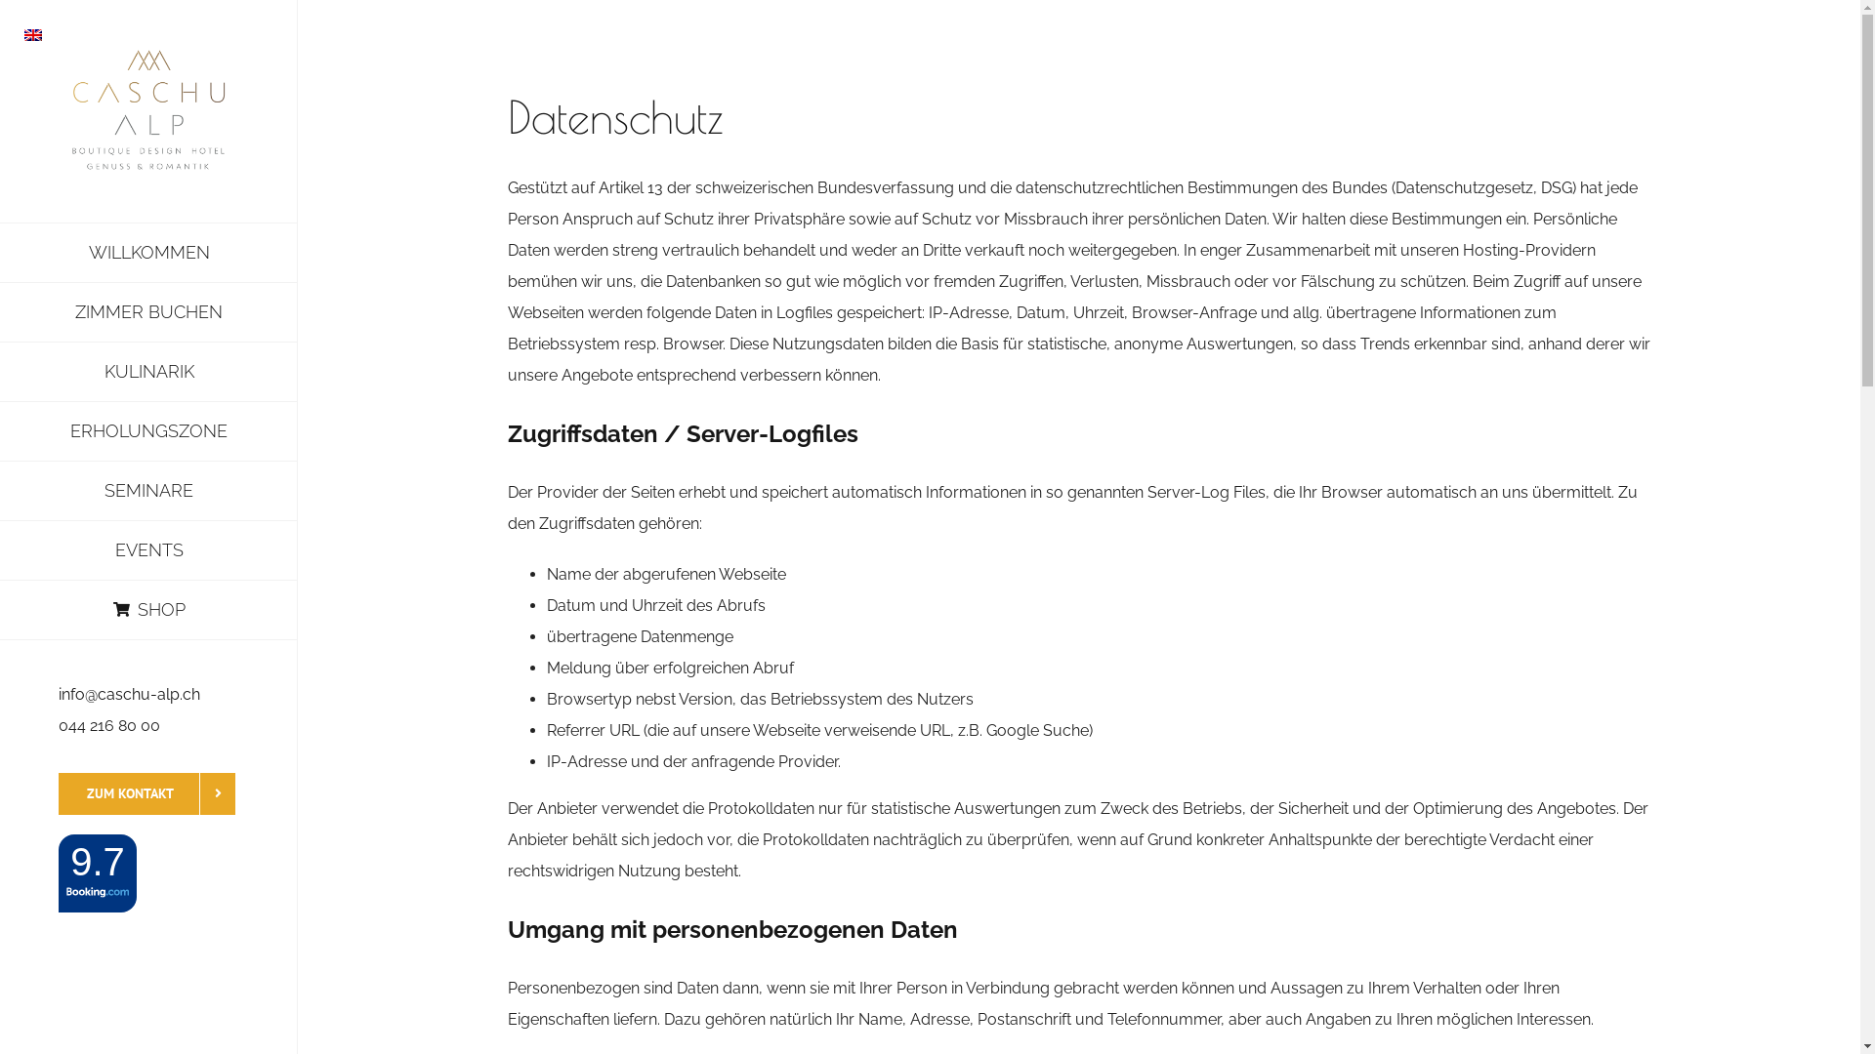  What do you see at coordinates (146, 793) in the screenshot?
I see `'ZUM KONTAKT'` at bounding box center [146, 793].